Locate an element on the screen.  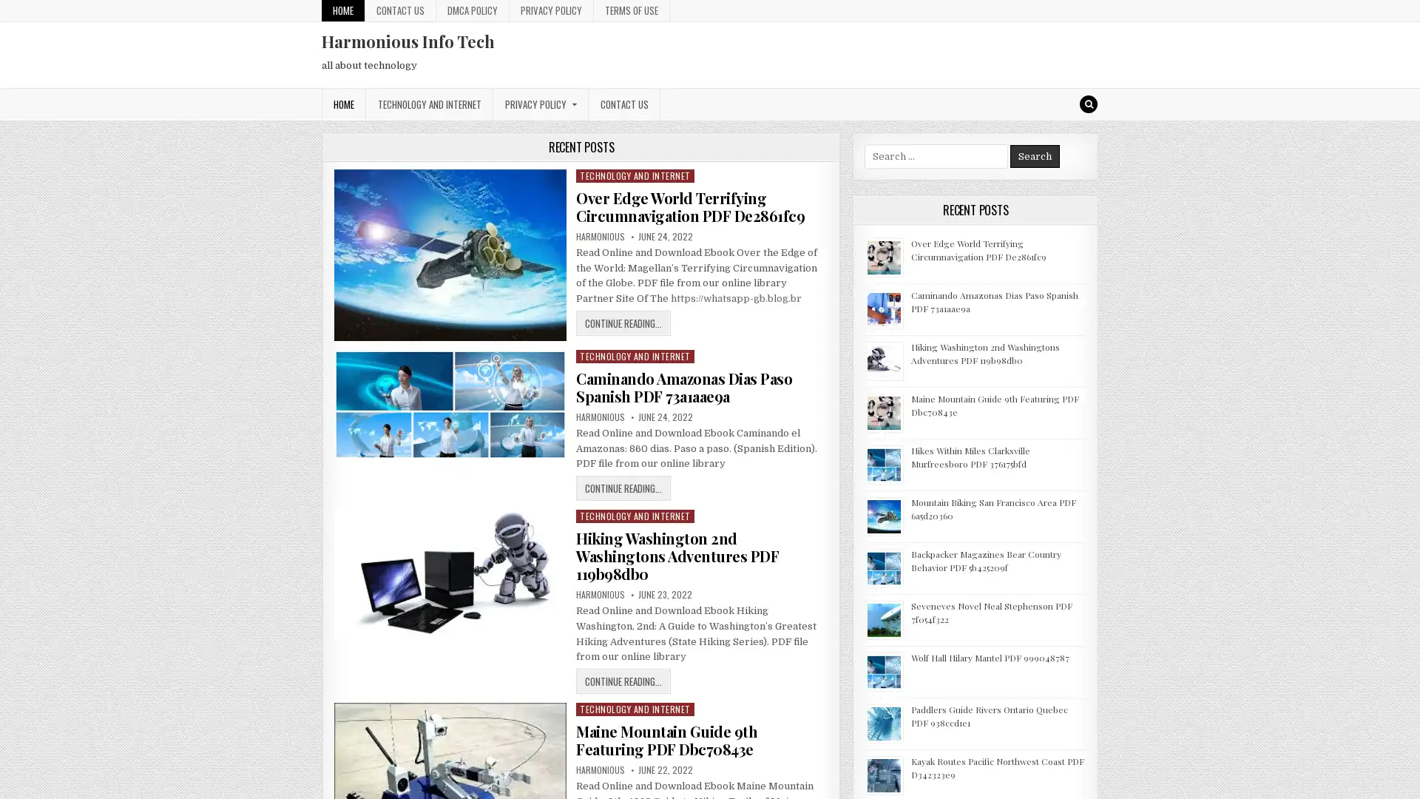
Search is located at coordinates (1034, 156).